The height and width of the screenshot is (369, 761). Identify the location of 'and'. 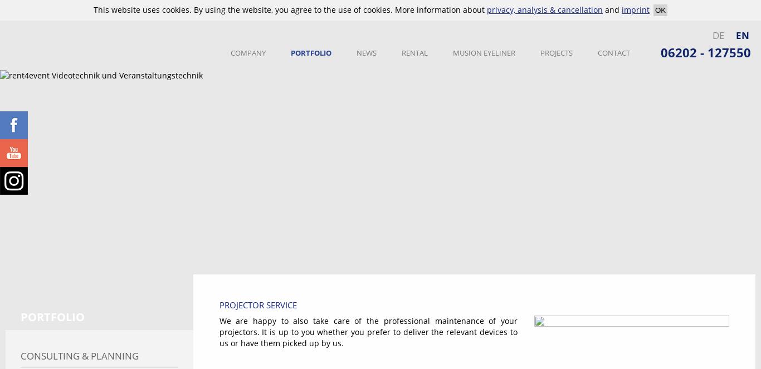
(602, 9).